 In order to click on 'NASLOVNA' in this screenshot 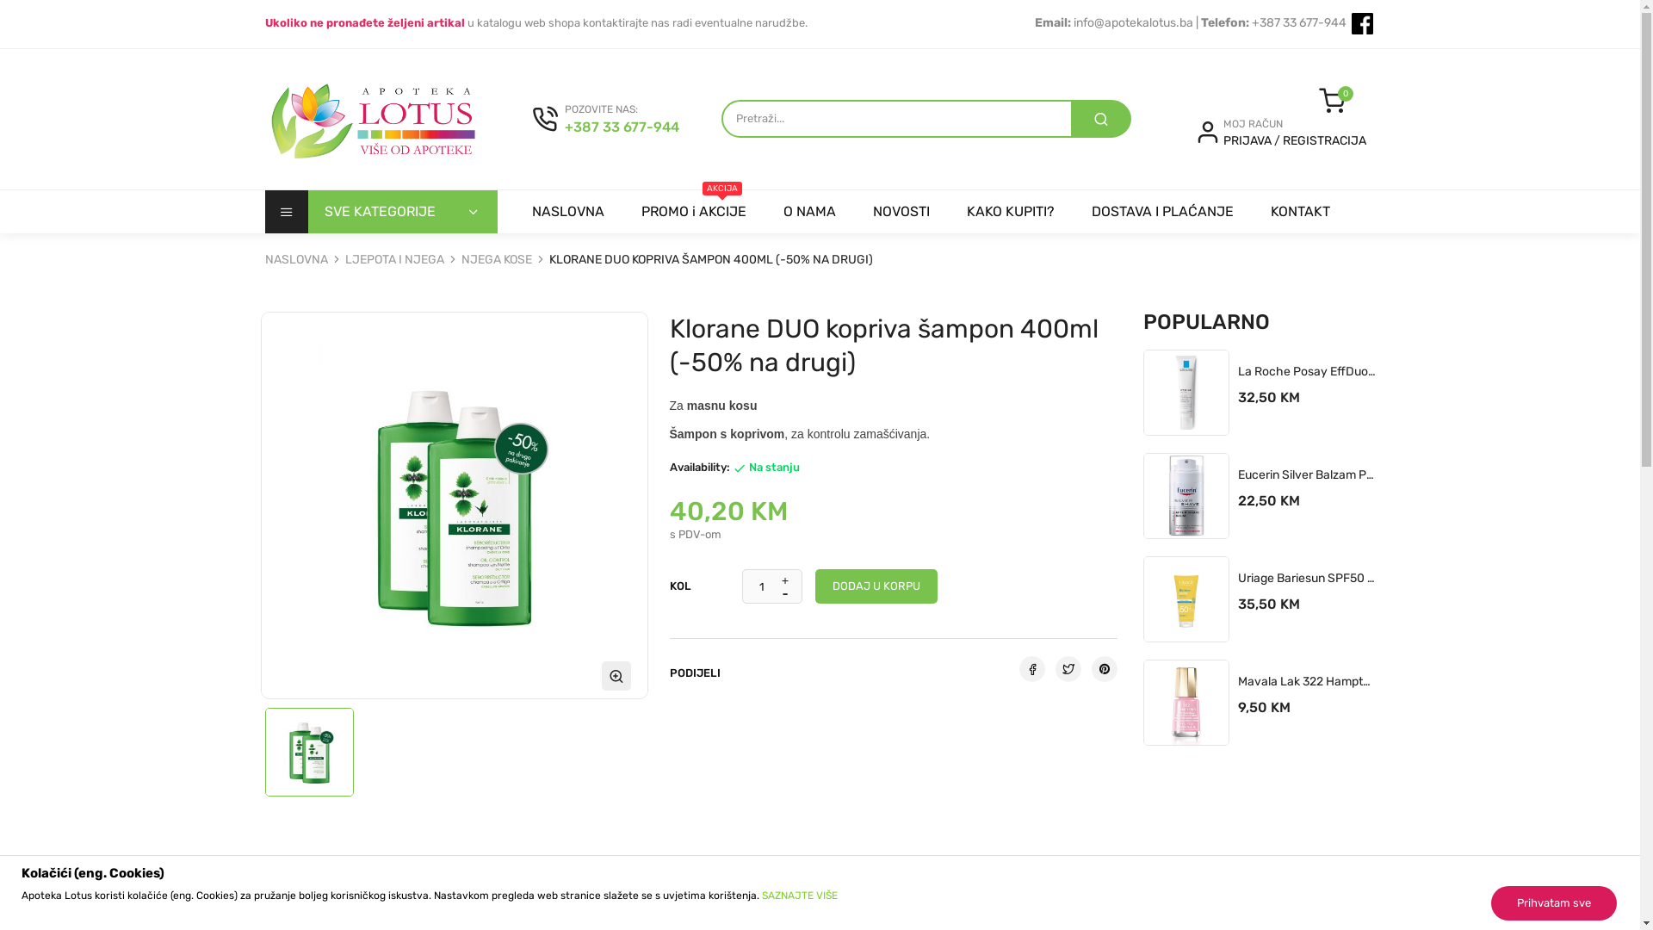, I will do `click(263, 259)`.